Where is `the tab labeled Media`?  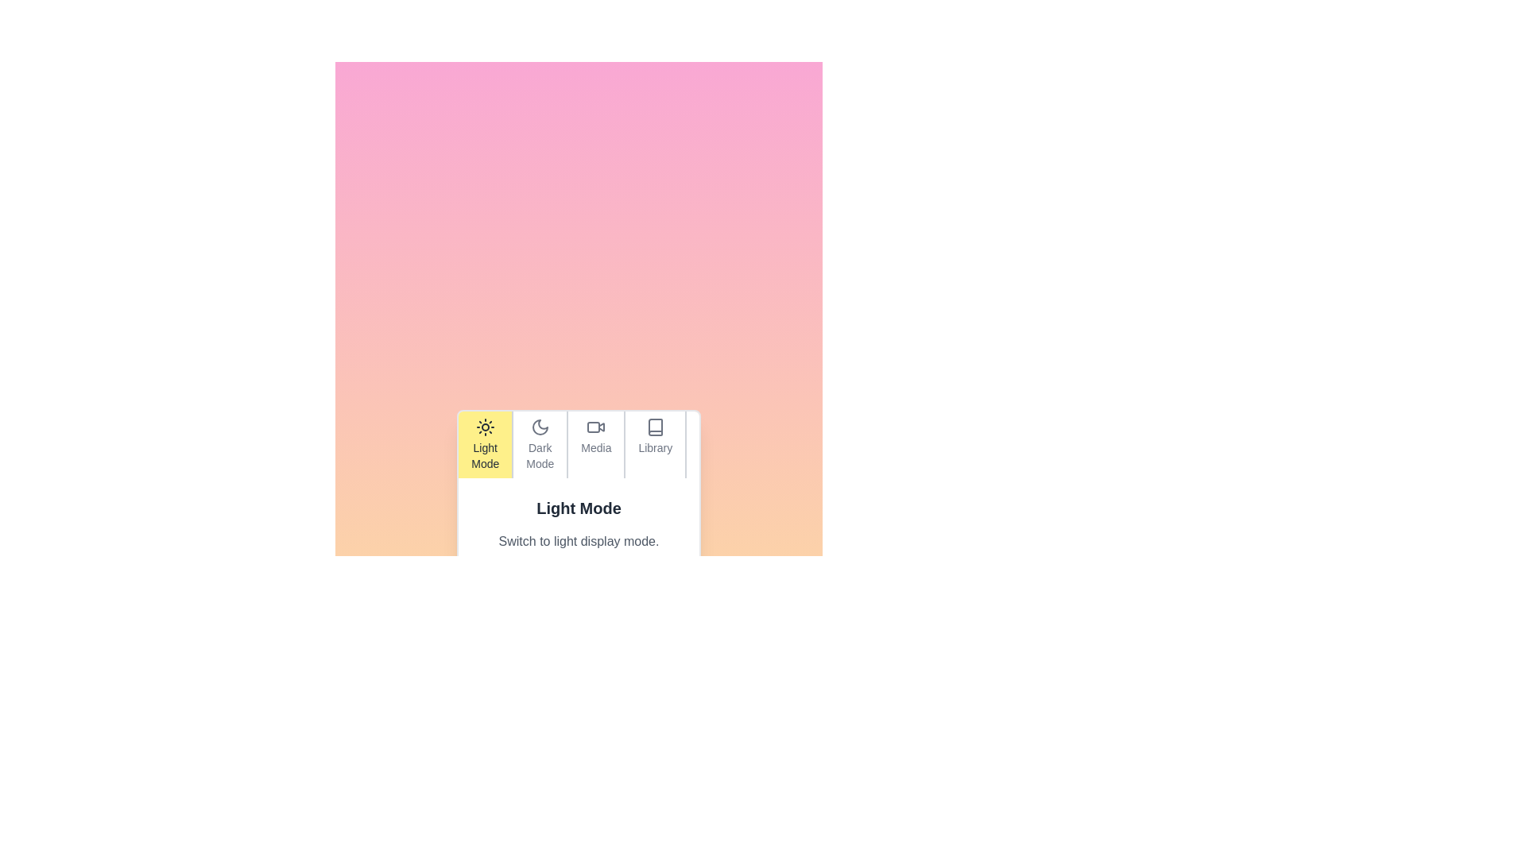
the tab labeled Media is located at coordinates (595, 444).